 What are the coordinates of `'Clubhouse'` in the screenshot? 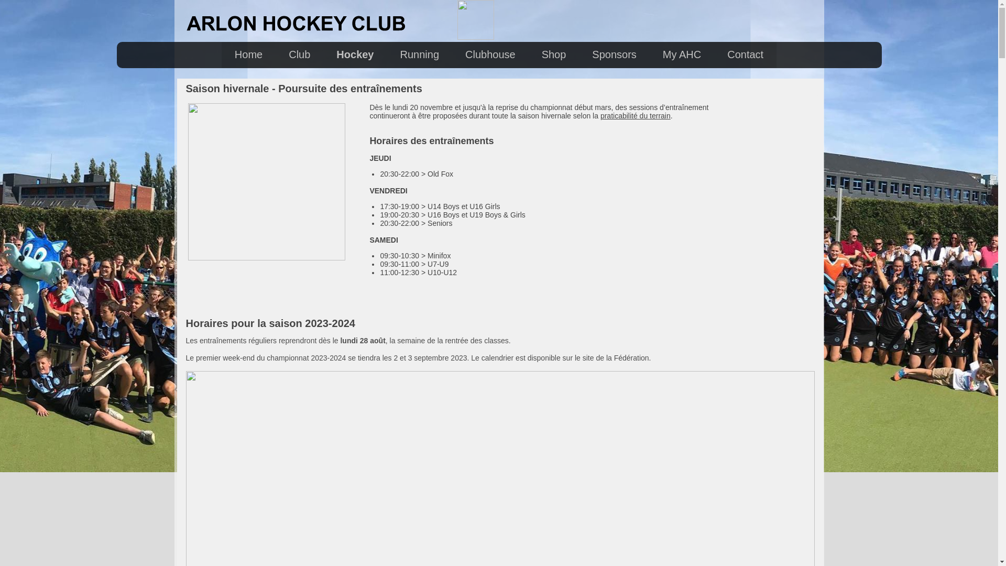 It's located at (490, 55).